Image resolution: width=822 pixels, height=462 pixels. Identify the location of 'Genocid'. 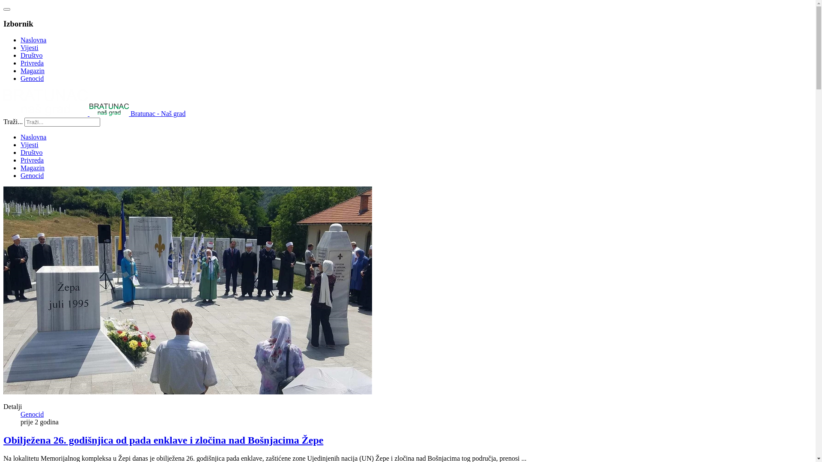
(32, 78).